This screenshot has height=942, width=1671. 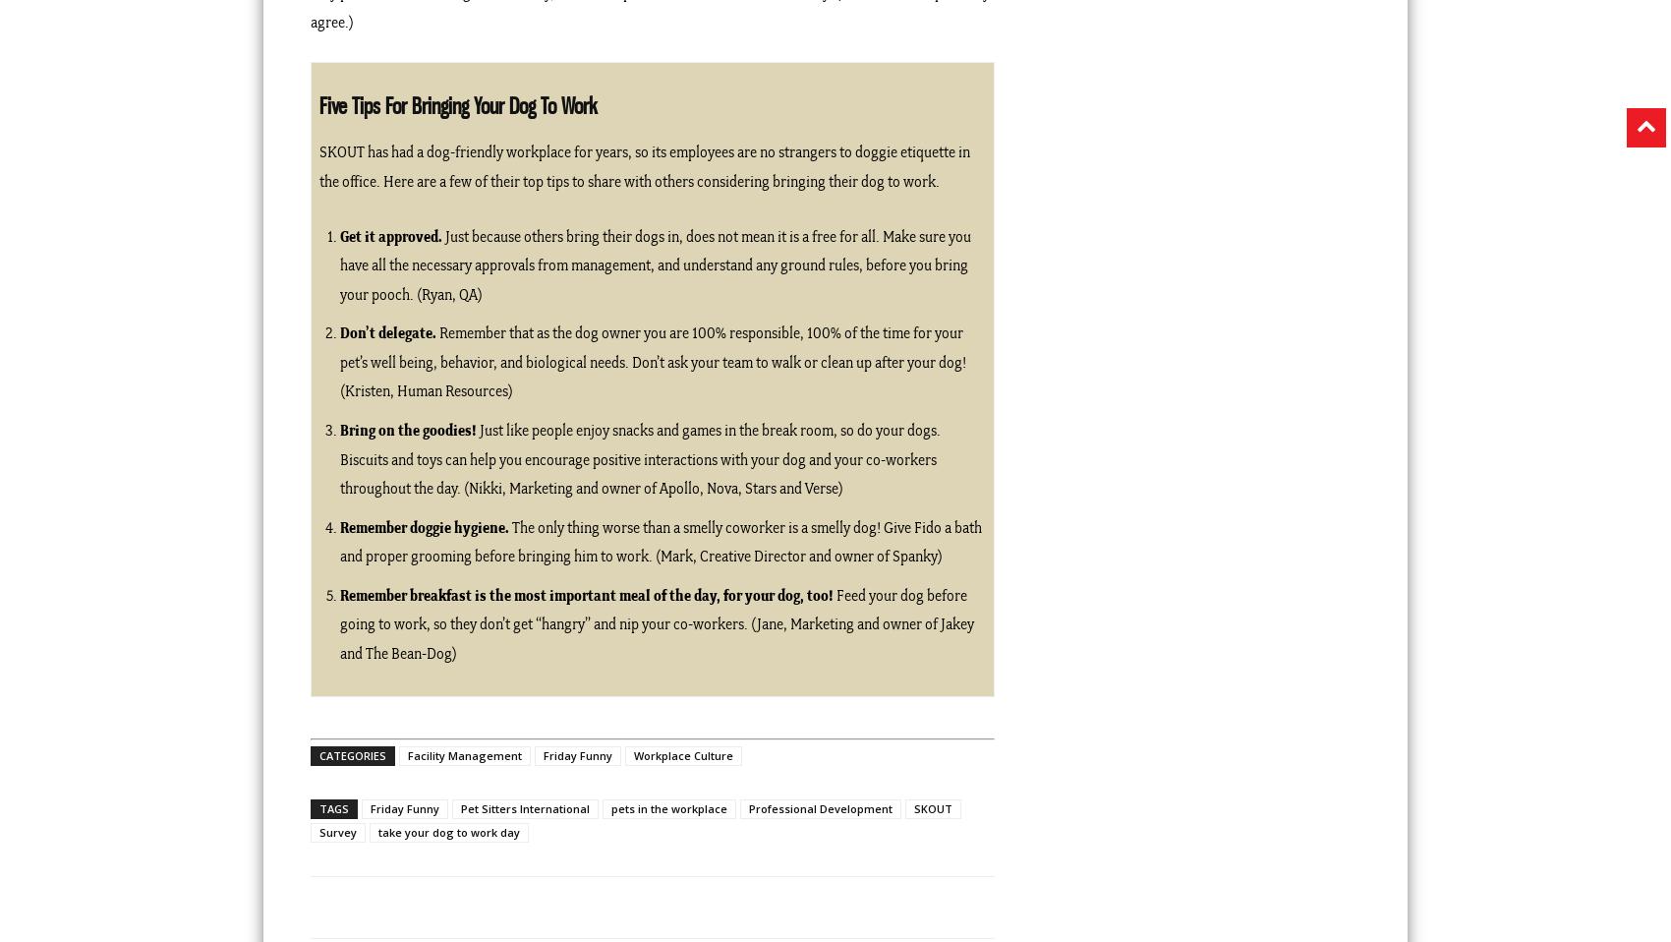 I want to click on 'Five Tips For Bringing Your Dog To Work', so click(x=458, y=105).